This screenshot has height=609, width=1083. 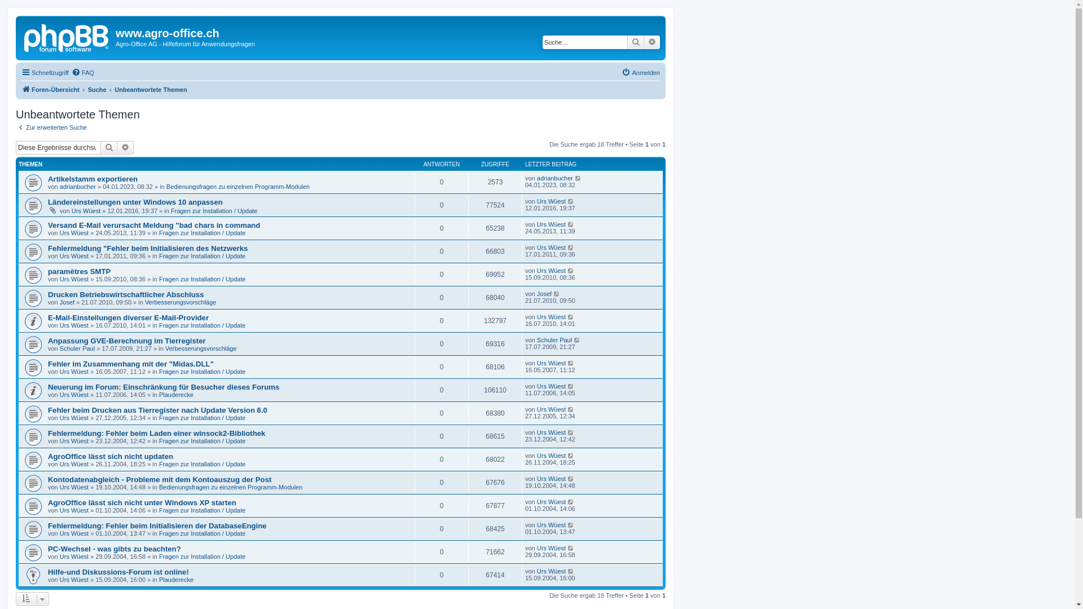 I want to click on 'Gehe zum letzten Beitrag', so click(x=567, y=386).